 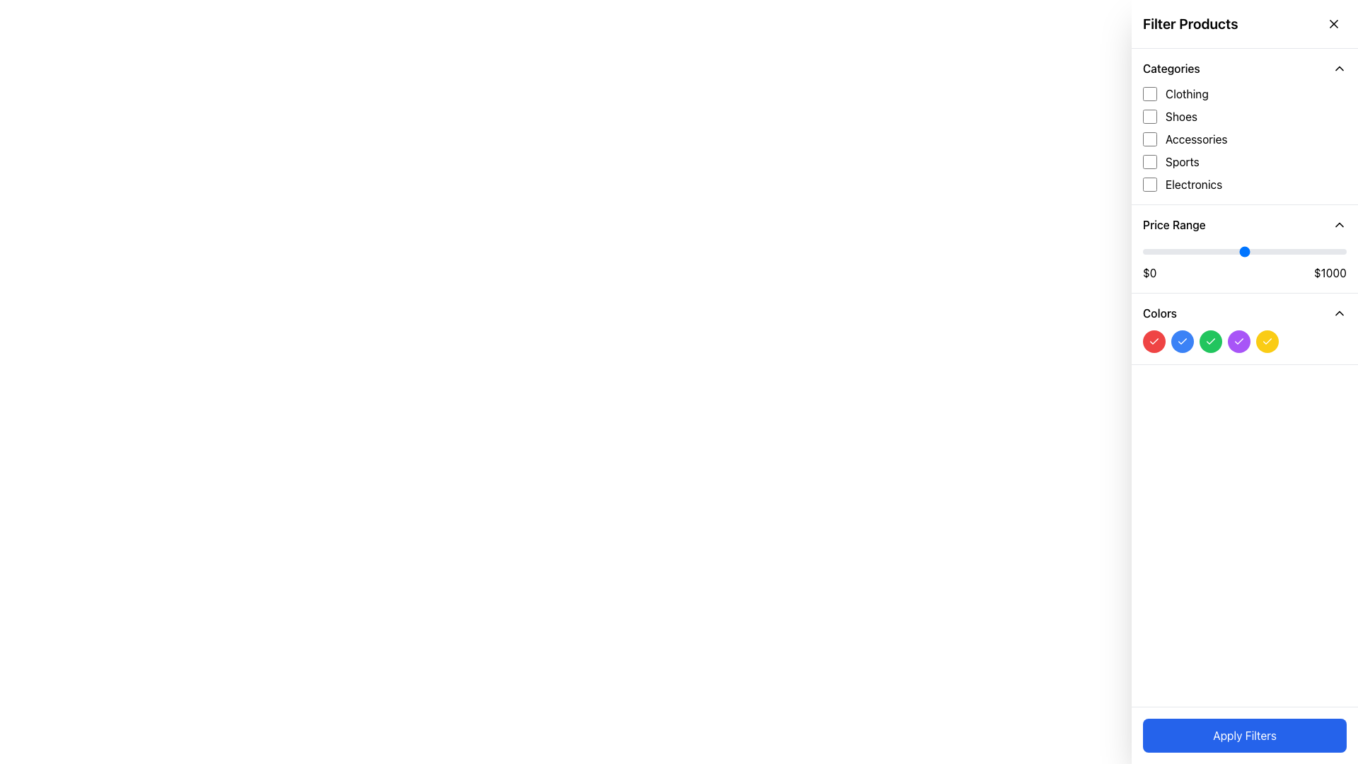 What do you see at coordinates (1317, 250) in the screenshot?
I see `the price range slider` at bounding box center [1317, 250].